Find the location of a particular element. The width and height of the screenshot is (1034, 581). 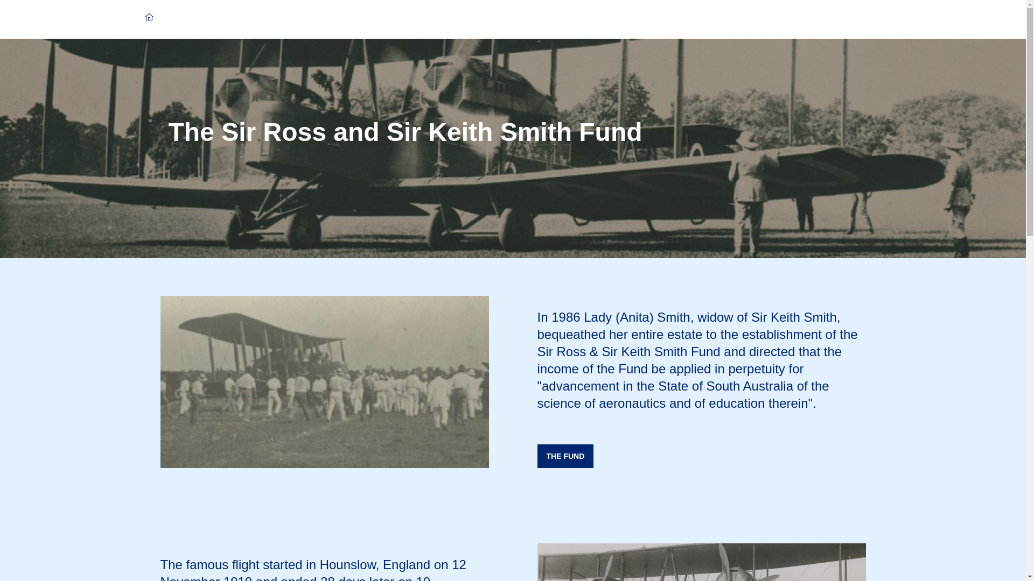

'THE FUND' is located at coordinates (565, 456).